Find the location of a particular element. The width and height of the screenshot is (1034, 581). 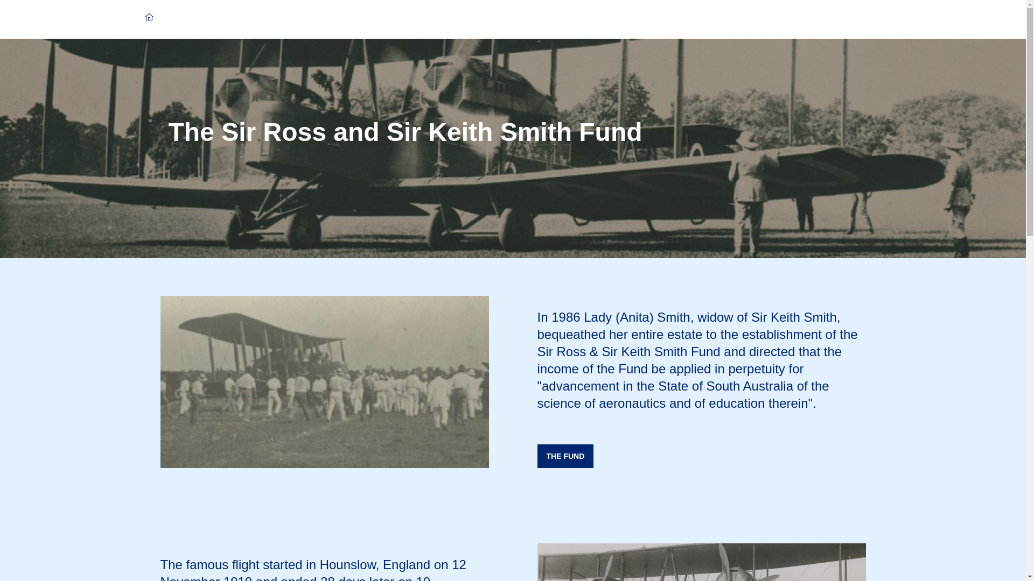

'THE FUND' is located at coordinates (565, 456).